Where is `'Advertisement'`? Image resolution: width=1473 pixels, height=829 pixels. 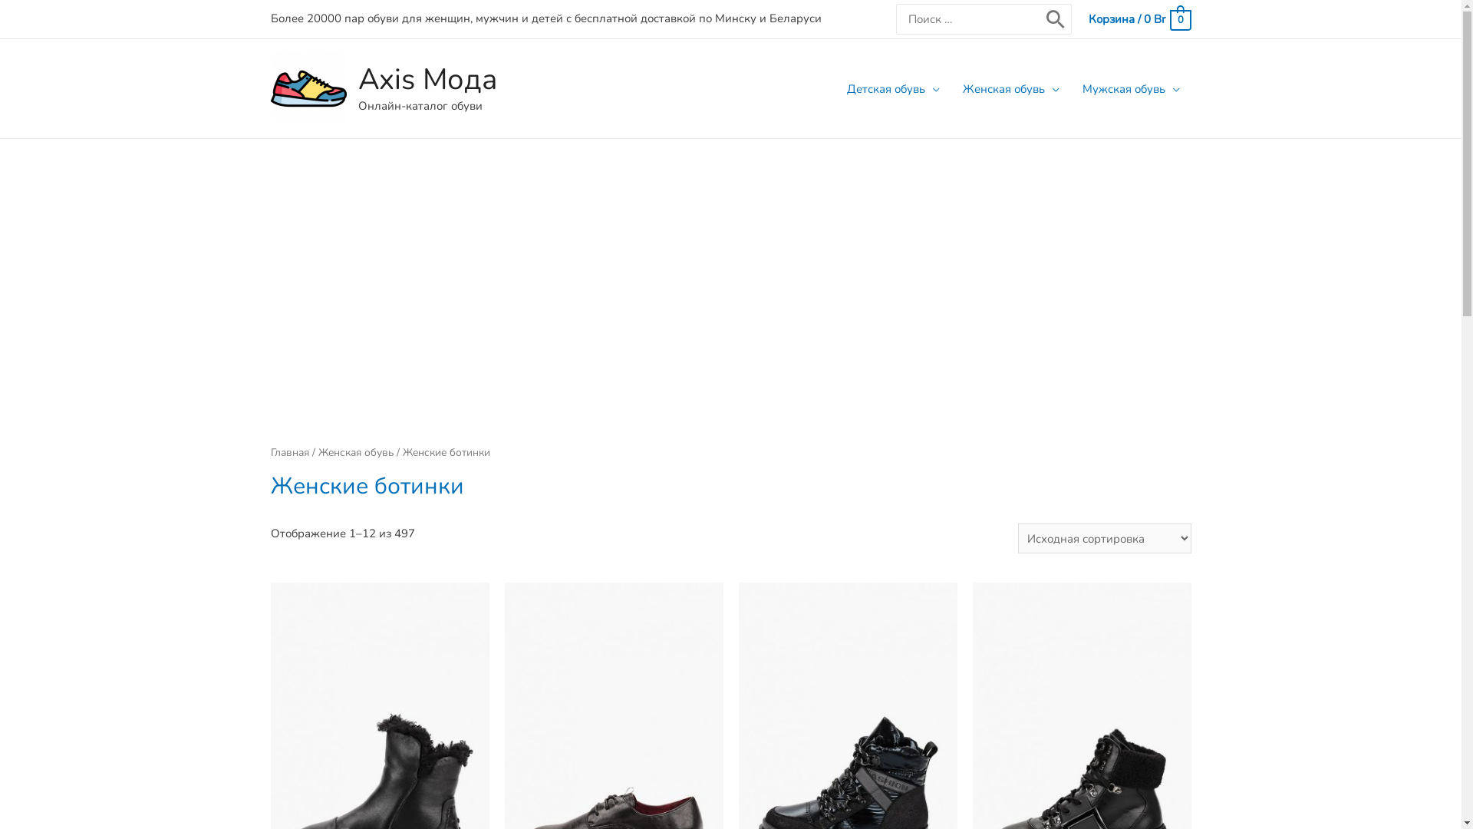 'Advertisement' is located at coordinates (729, 266).